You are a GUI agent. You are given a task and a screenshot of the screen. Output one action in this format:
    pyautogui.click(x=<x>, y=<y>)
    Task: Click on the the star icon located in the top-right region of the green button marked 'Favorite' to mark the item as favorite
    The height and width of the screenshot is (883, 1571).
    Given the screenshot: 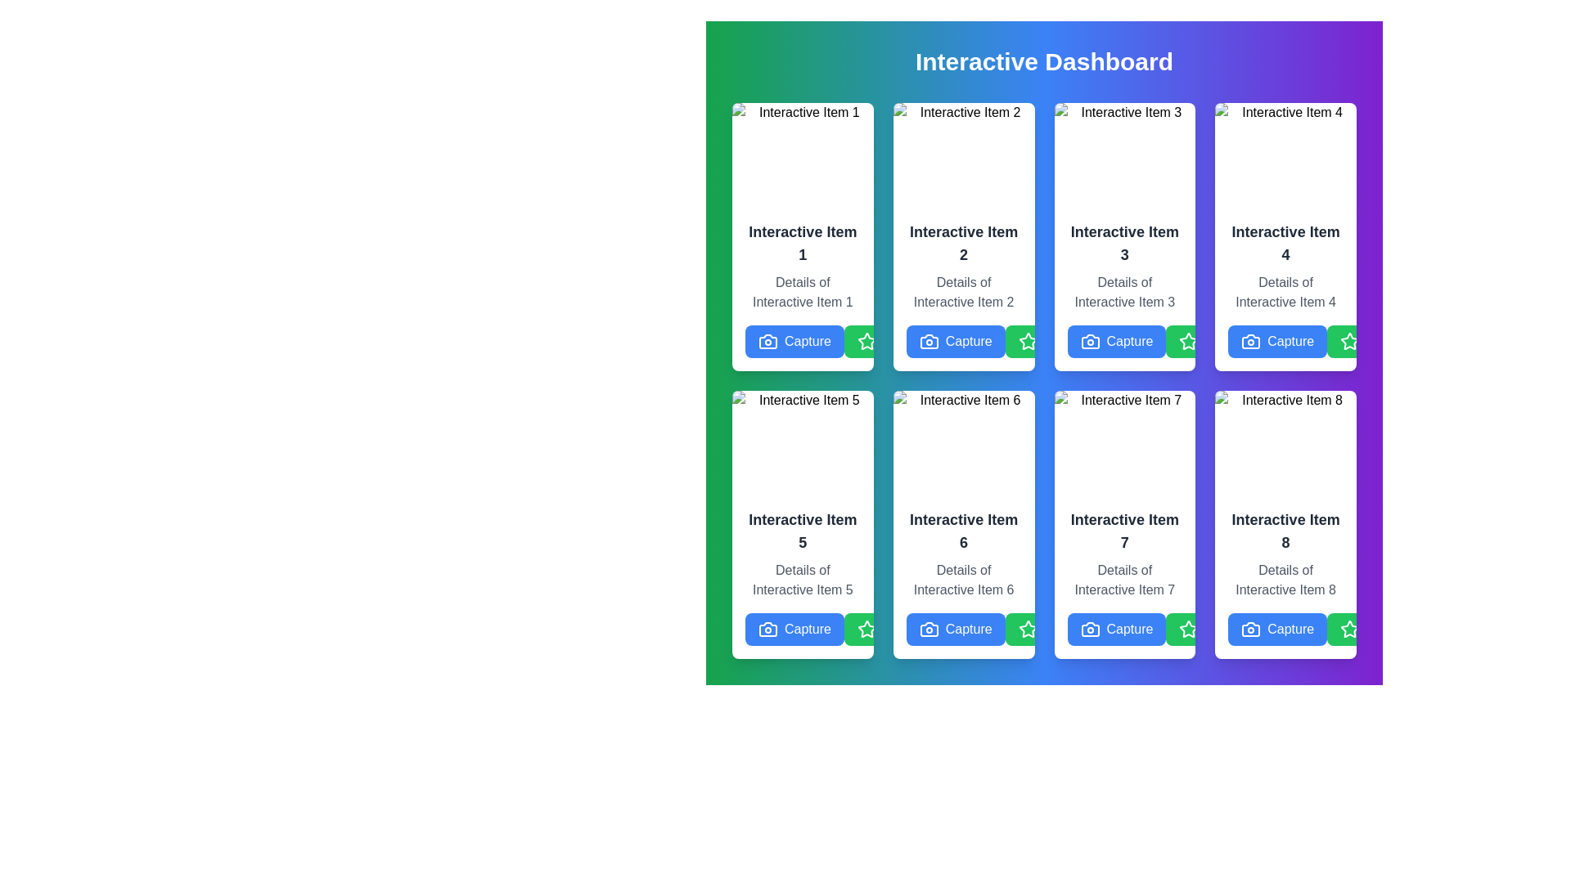 What is the action you would take?
    pyautogui.click(x=1027, y=340)
    